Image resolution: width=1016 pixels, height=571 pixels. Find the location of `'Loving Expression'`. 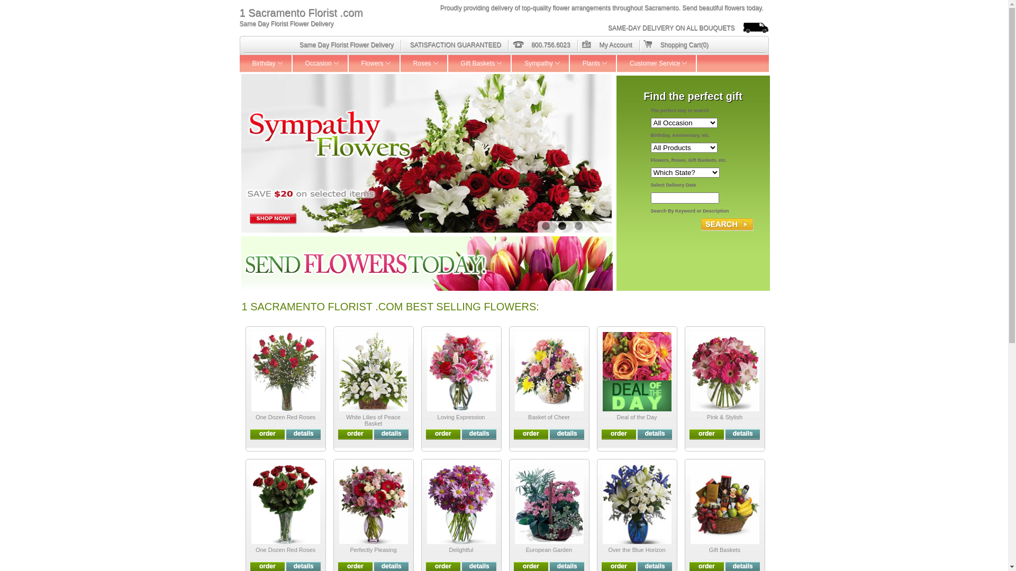

'Loving Expression' is located at coordinates (461, 417).